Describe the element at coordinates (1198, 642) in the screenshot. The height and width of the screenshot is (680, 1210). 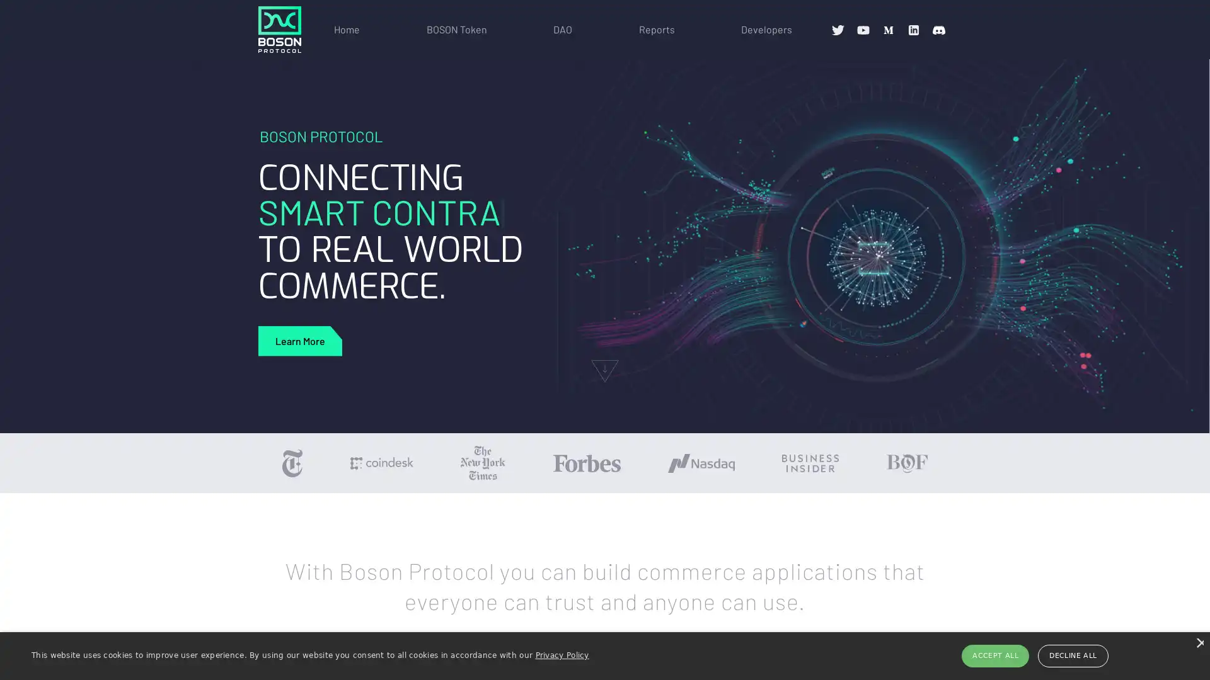
I see `Close` at that location.